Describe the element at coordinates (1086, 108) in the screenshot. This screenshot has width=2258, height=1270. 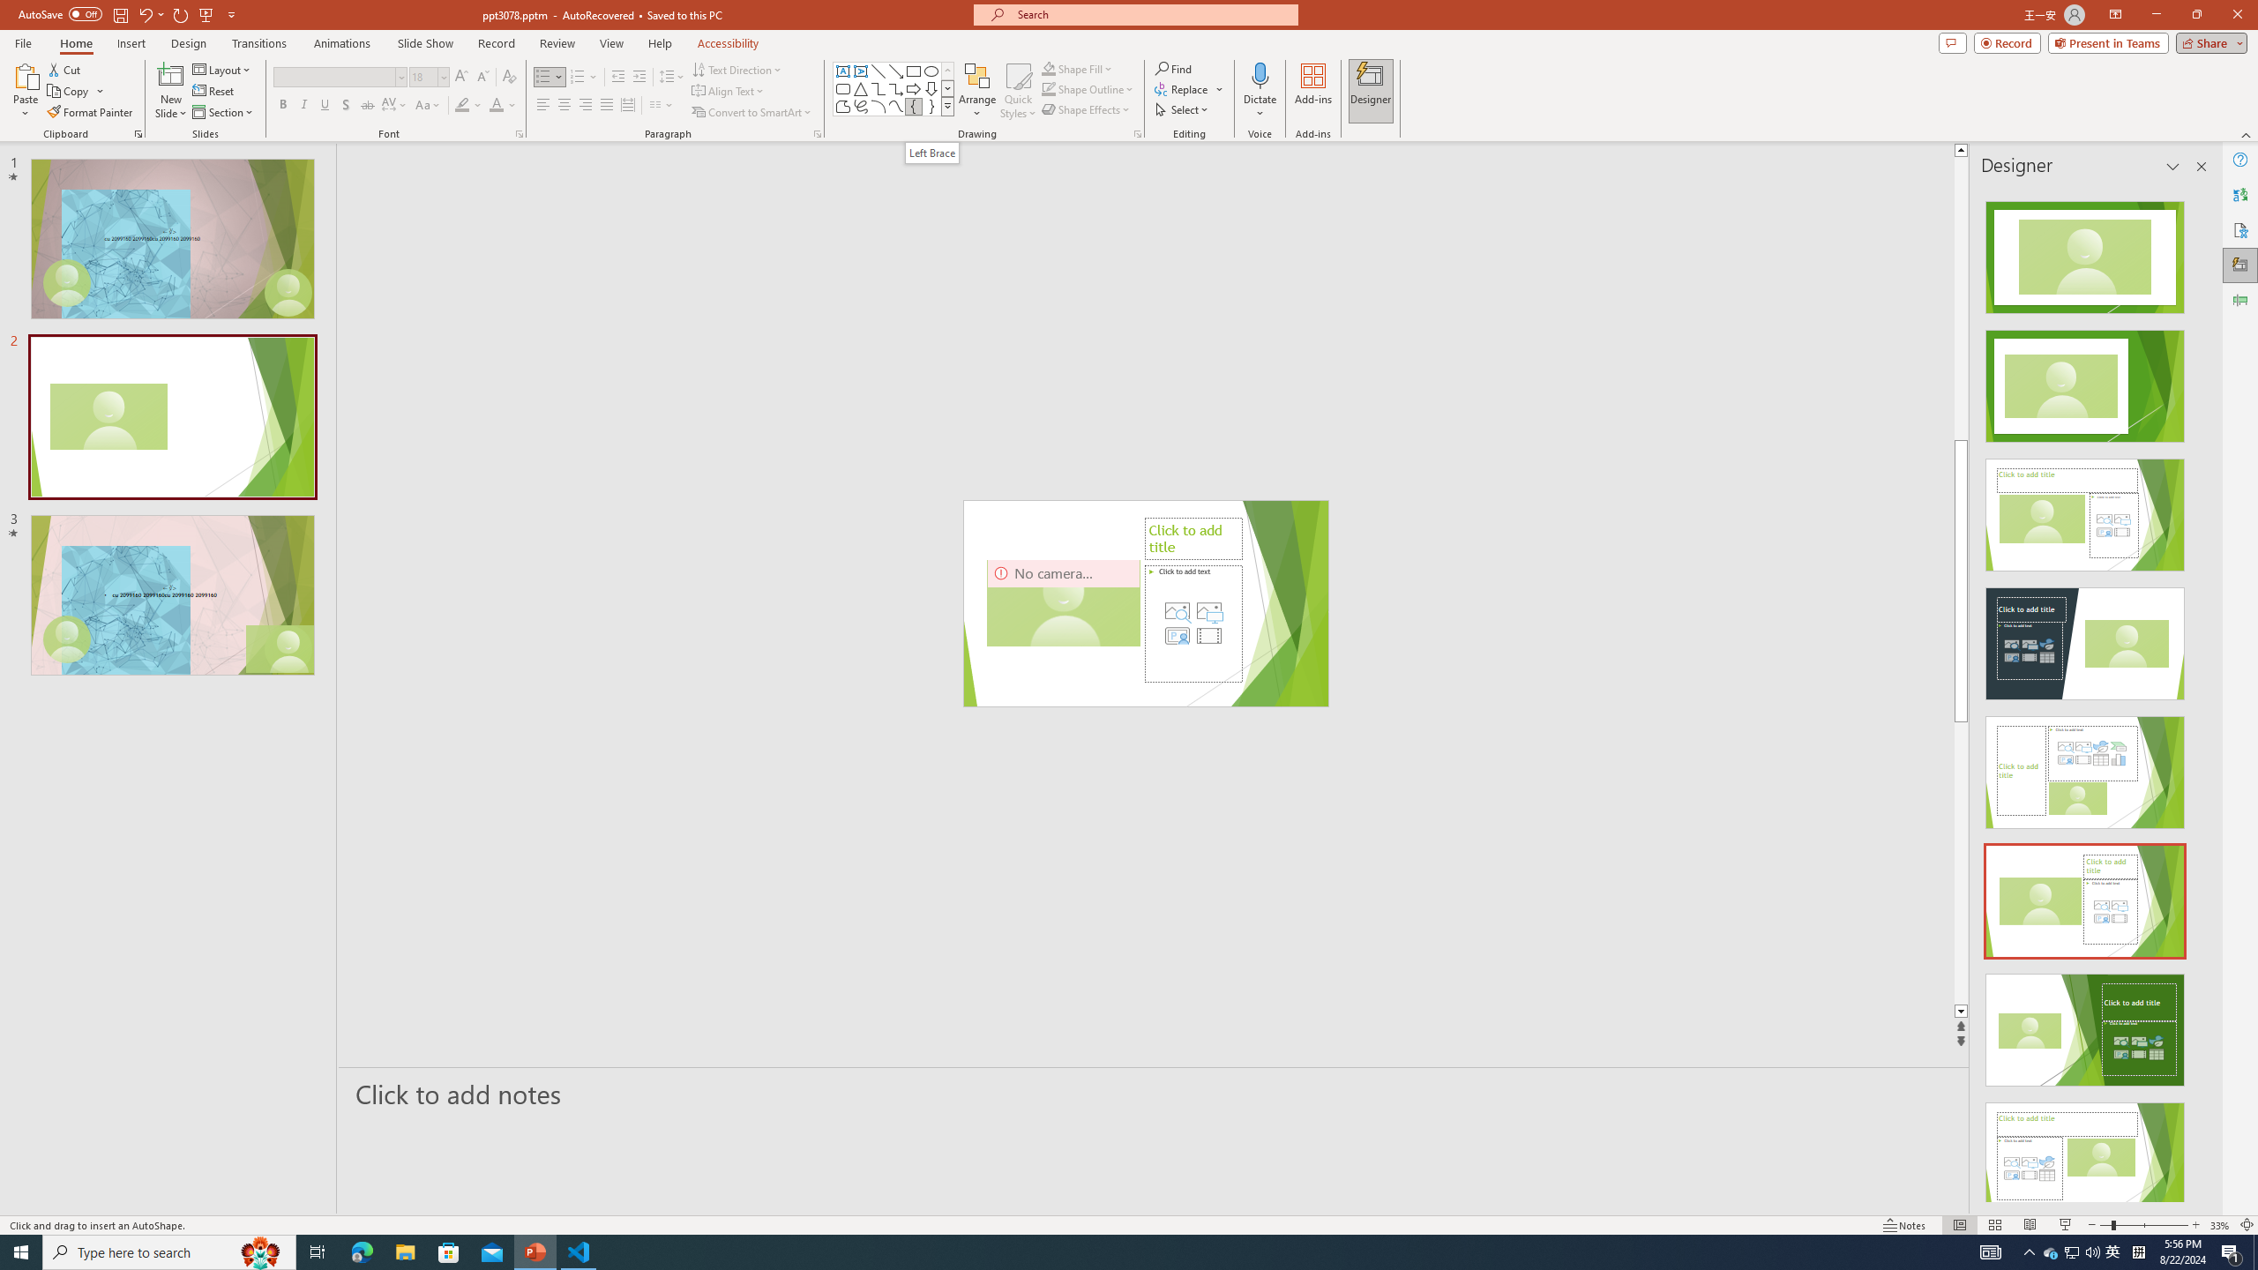
I see `'Shape Effects'` at that location.